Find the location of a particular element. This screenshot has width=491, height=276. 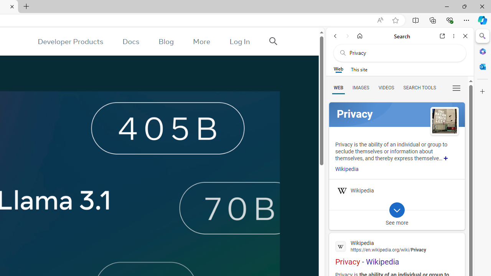

'Developer Products' is located at coordinates (70, 41).